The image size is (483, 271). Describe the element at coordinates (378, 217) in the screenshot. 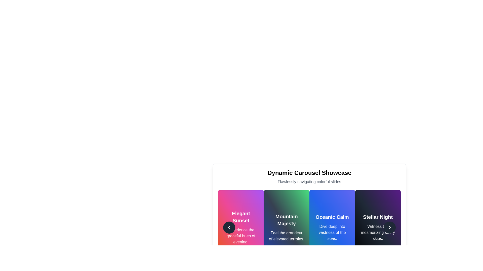

I see `text label 'Stellar Night' located at the top-center of the rightmost card in the 'Dynamic Carousel Showcase' section, which is displayed in bold white font on a gradient background` at that location.